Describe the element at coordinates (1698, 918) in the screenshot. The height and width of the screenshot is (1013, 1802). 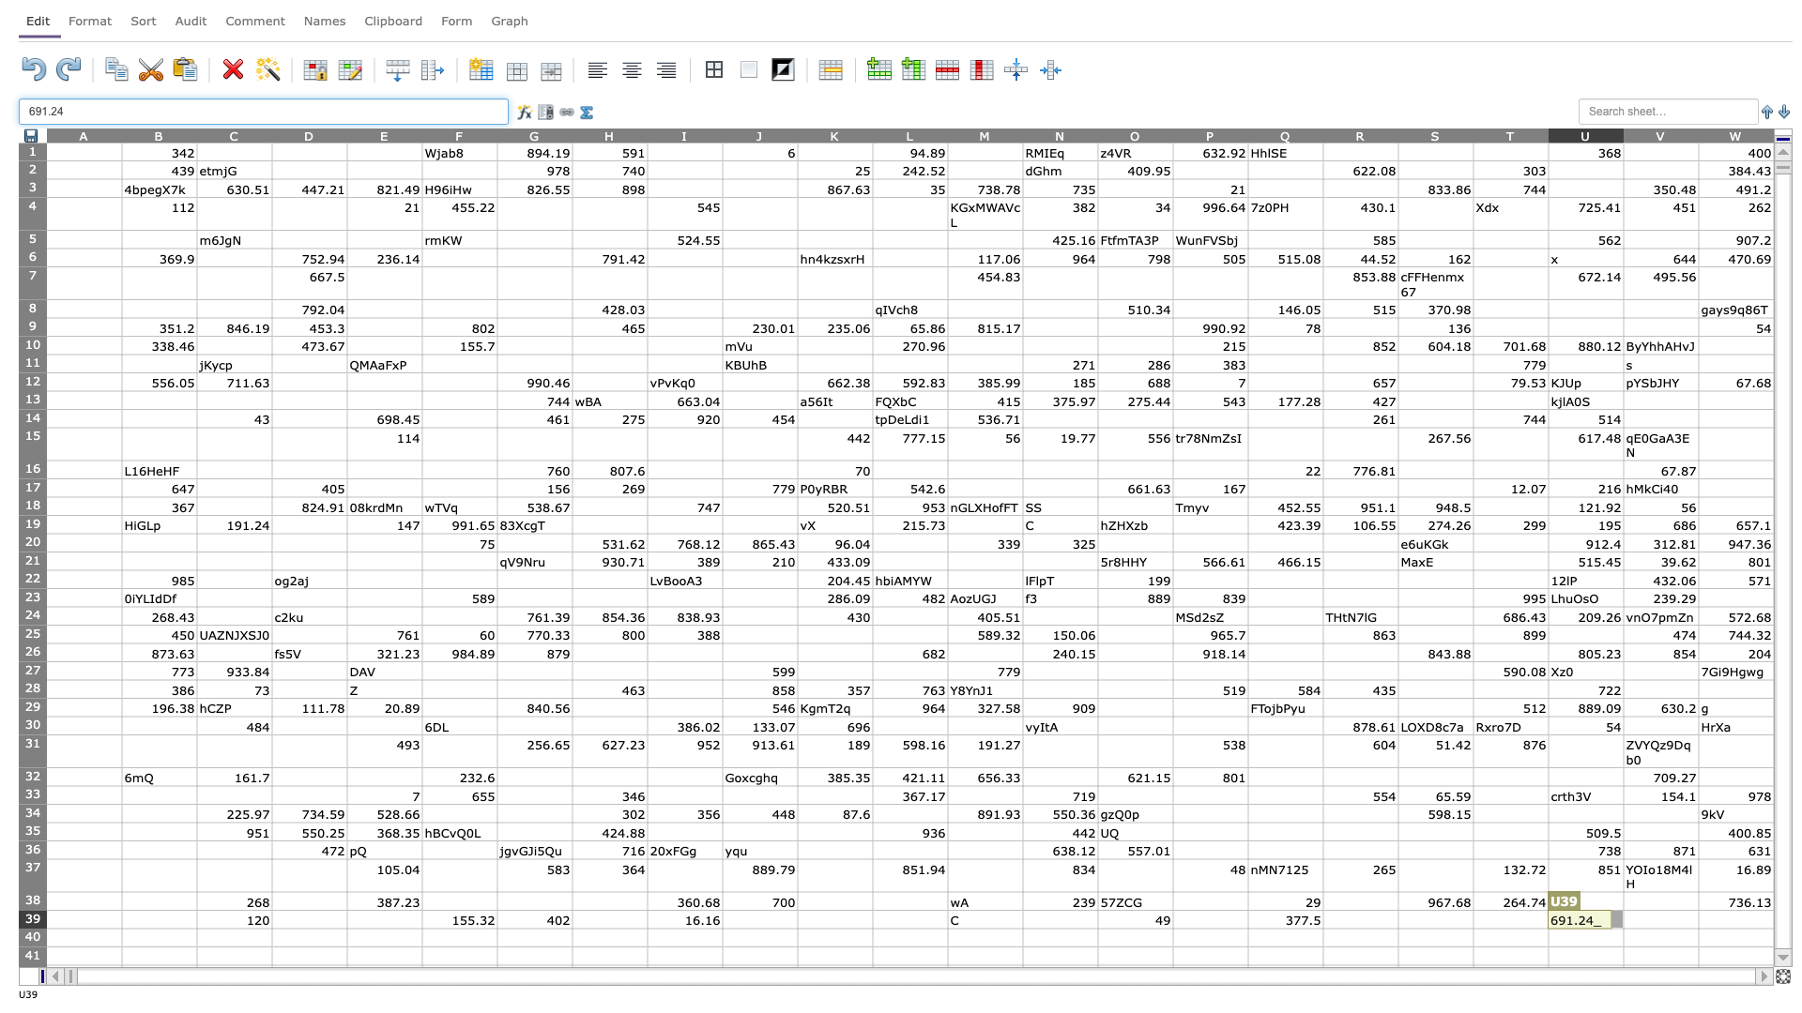
I see `Place cursor on left border of W39` at that location.